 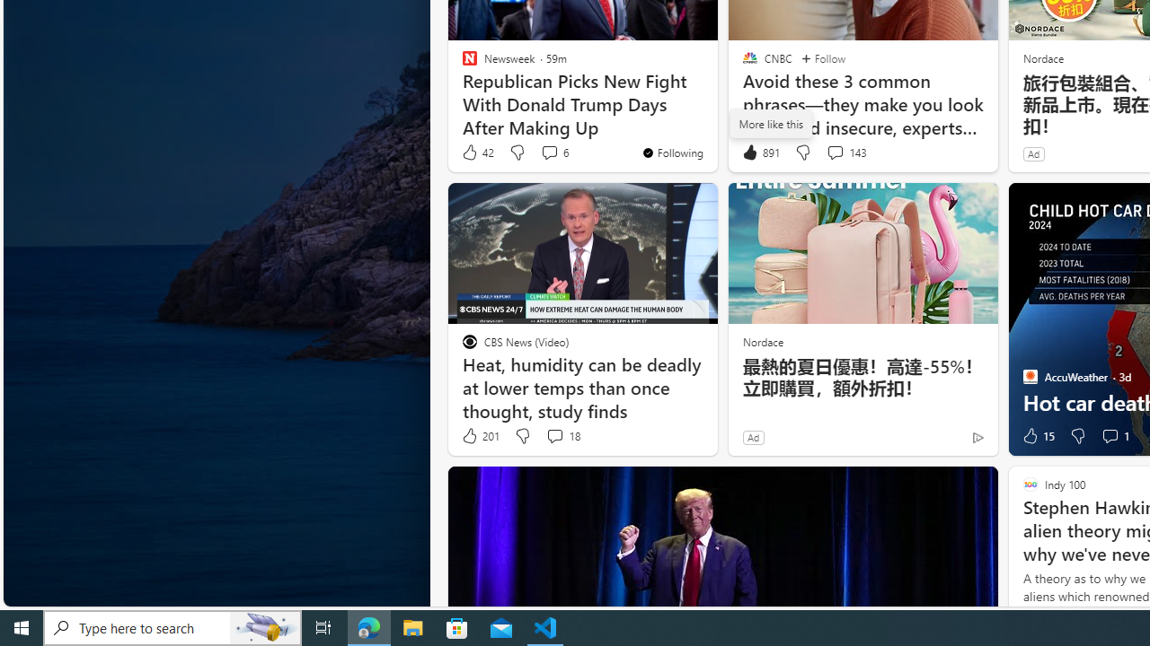 I want to click on '42 Like', so click(x=477, y=152).